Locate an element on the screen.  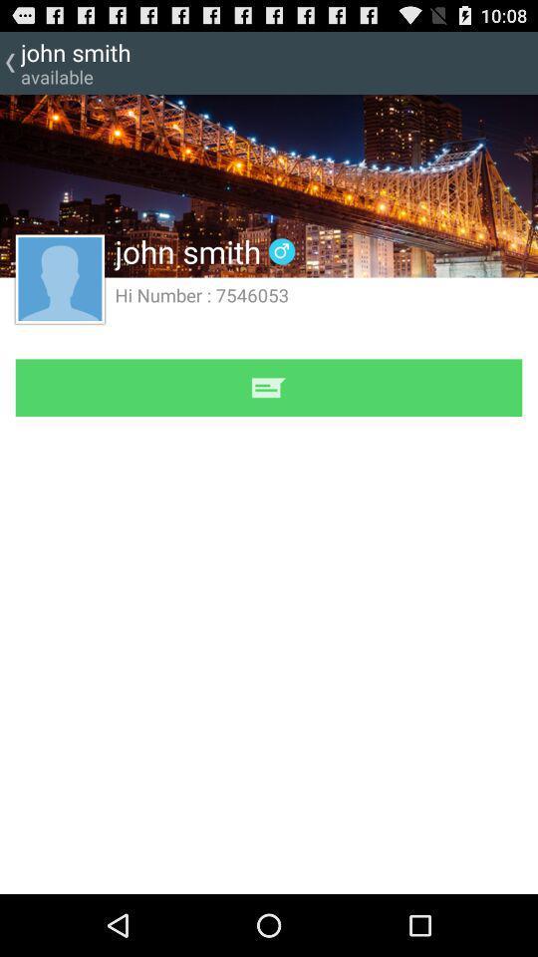
icon at the center is located at coordinates (269, 386).